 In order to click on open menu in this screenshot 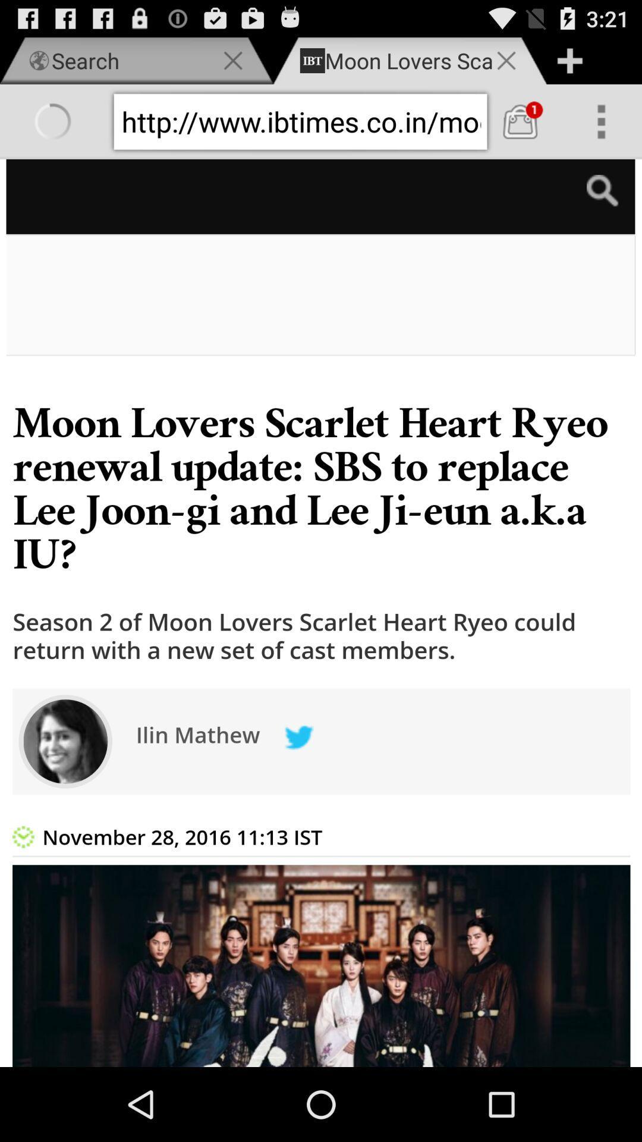, I will do `click(601, 121)`.